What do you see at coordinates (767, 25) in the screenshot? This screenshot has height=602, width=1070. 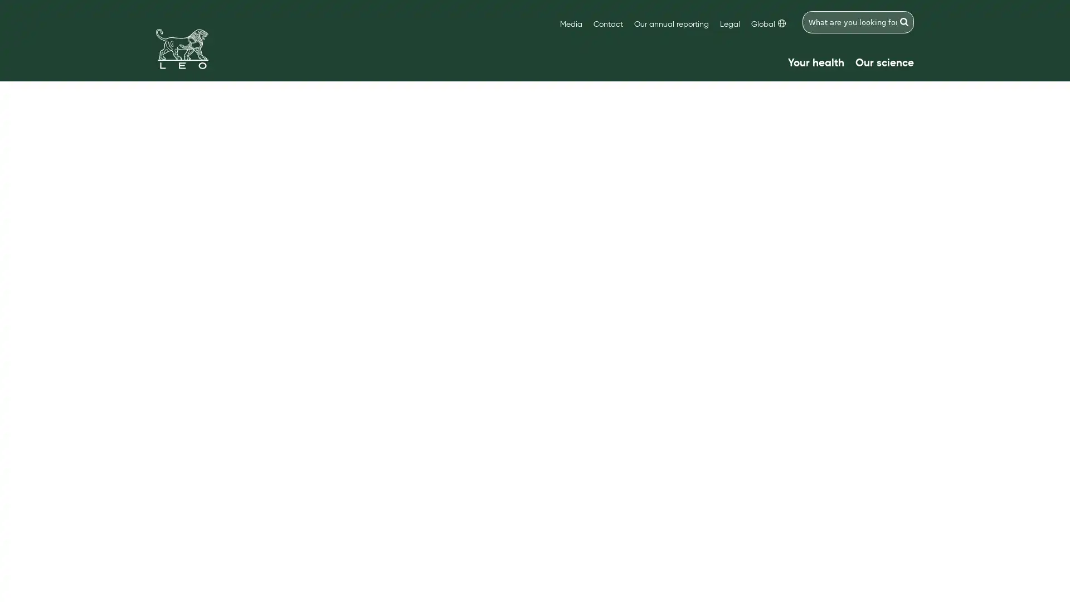 I see `Global` at bounding box center [767, 25].